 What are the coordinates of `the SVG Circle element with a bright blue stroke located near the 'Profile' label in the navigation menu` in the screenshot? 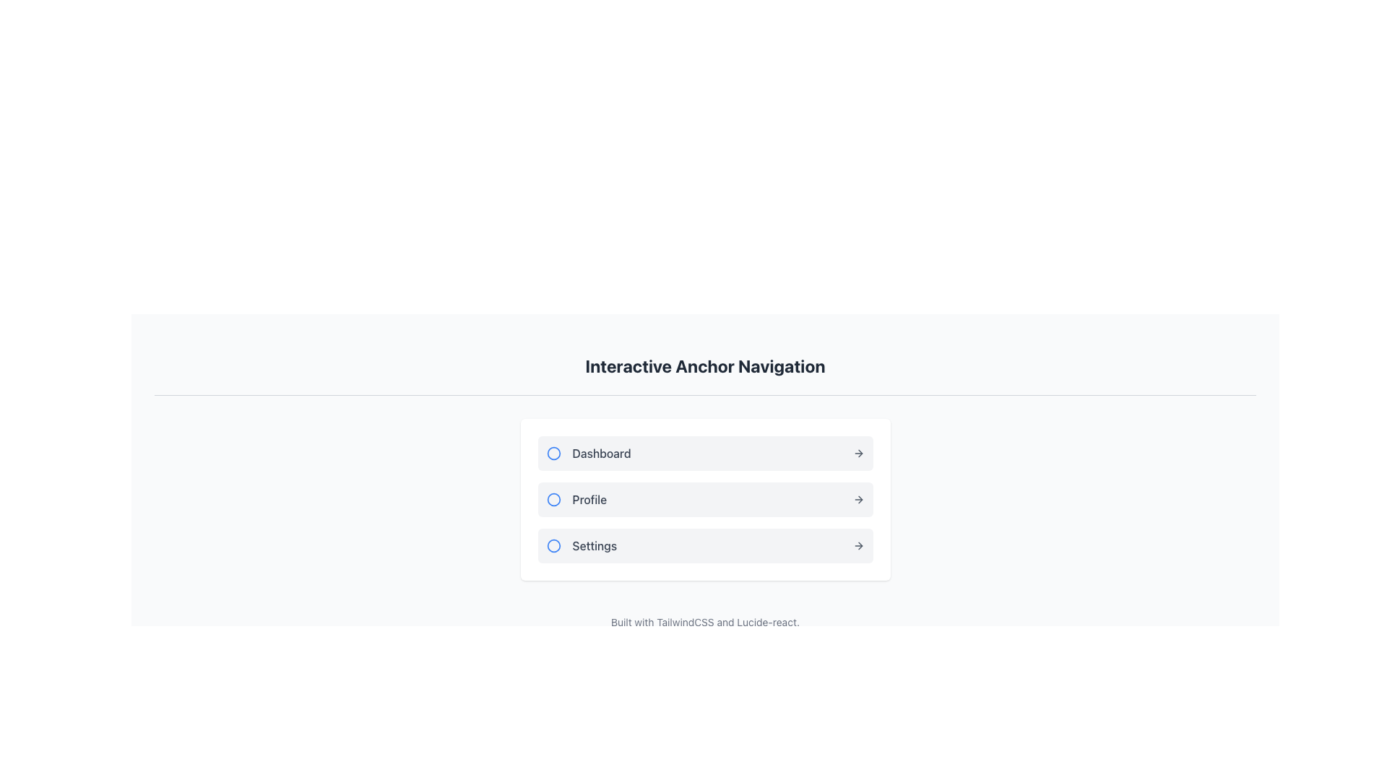 It's located at (553, 498).